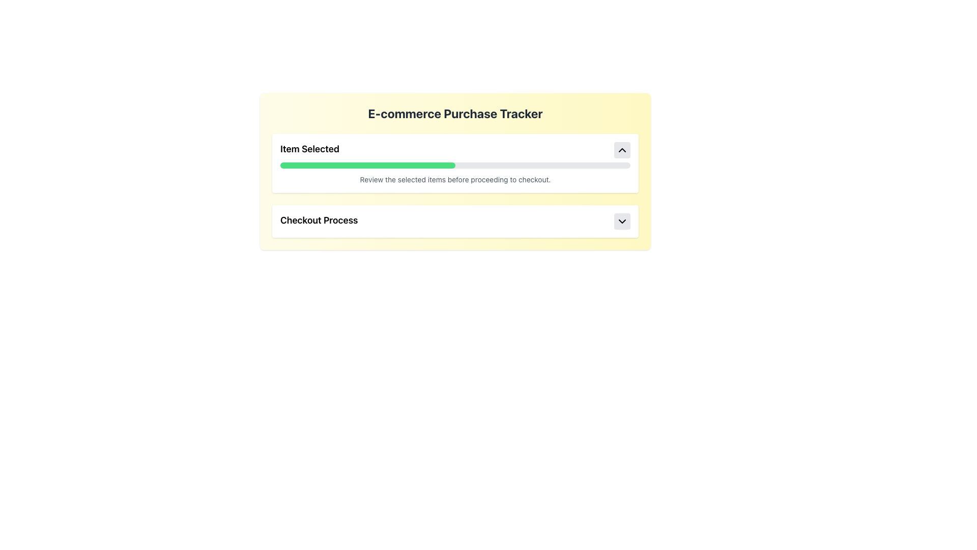  What do you see at coordinates (622, 150) in the screenshot?
I see `the button located at the far-right end of the 'Item Selected' section` at bounding box center [622, 150].